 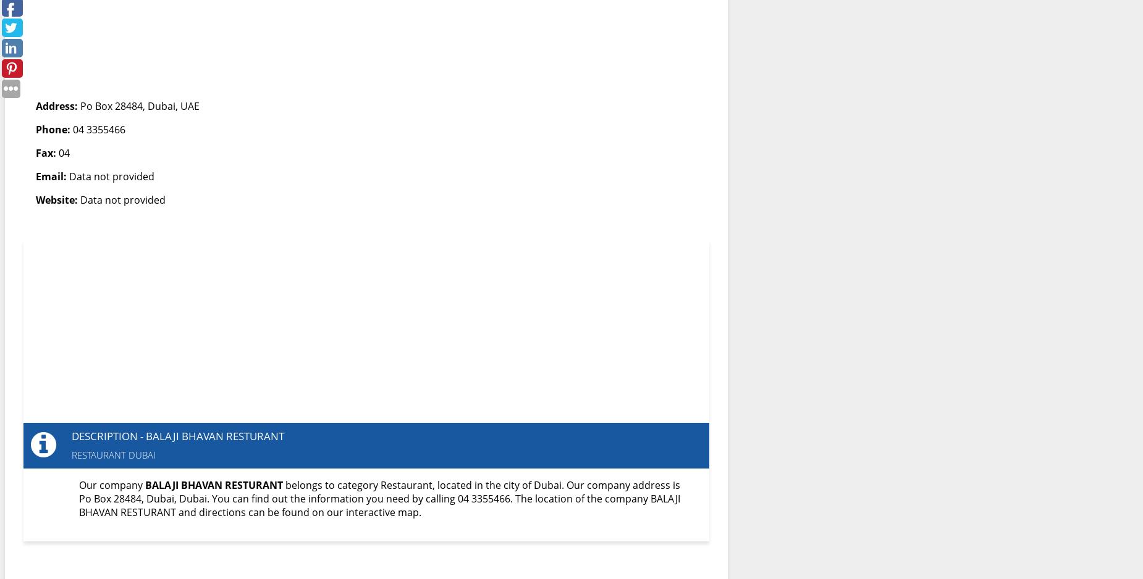 I want to click on 'Description - BALAJI BHAVAN RESTURANT', so click(x=177, y=435).